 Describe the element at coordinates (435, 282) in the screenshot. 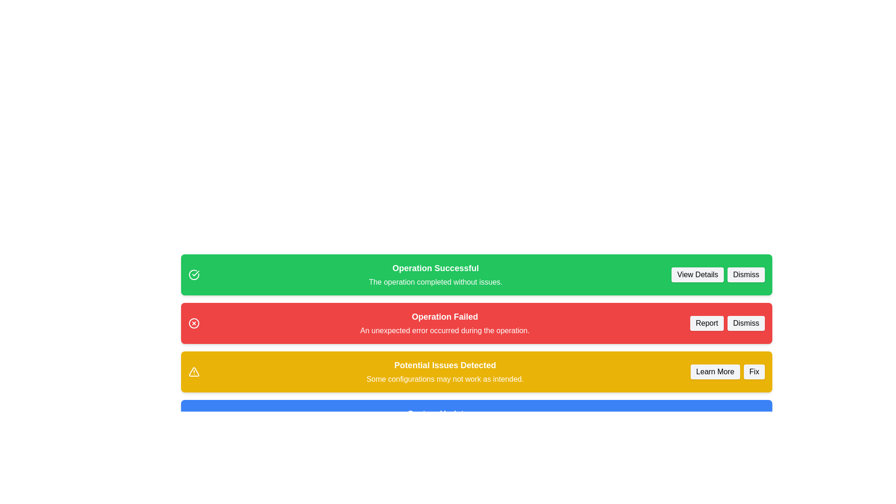

I see `the text label component indicating successful operation completion, located within the green banner titled 'Operation Successful'` at that location.